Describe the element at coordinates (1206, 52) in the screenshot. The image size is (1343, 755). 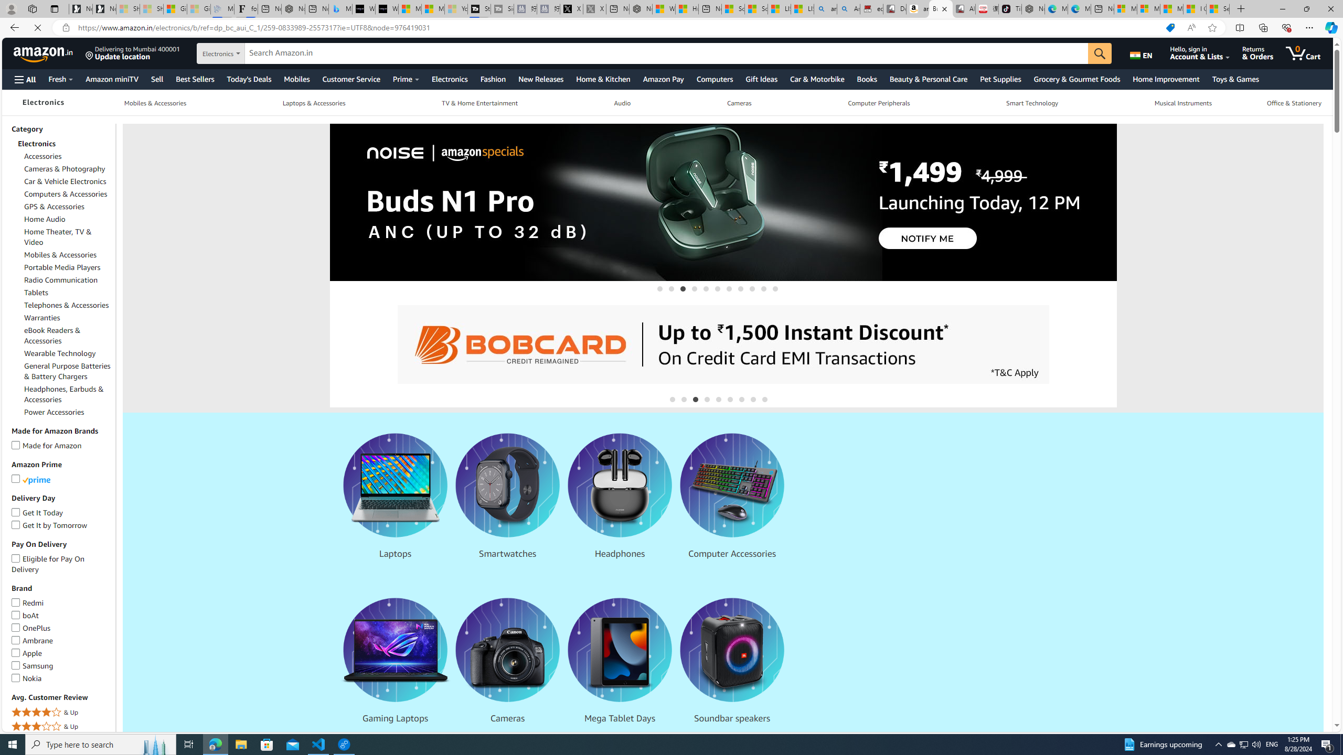
I see `'Hello, sign in Account & Lists'` at that location.